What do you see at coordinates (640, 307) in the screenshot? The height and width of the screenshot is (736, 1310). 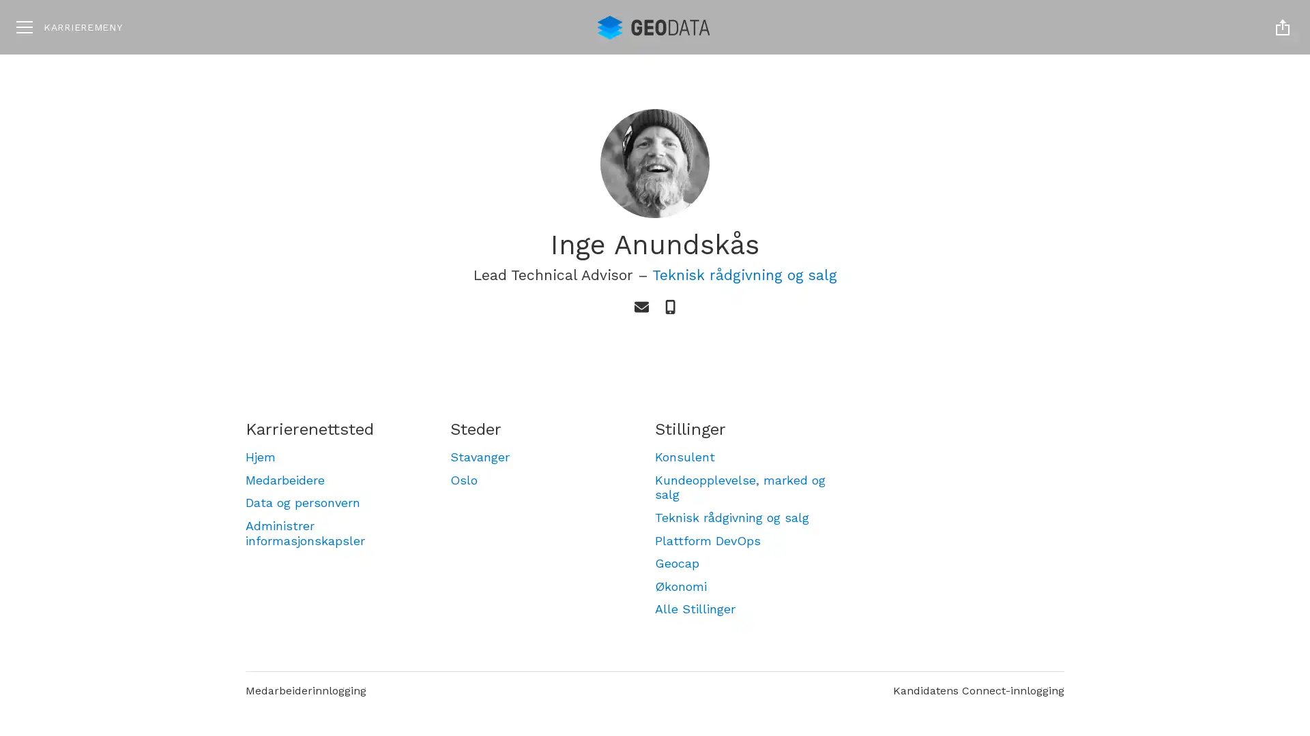 I see `E-post` at bounding box center [640, 307].